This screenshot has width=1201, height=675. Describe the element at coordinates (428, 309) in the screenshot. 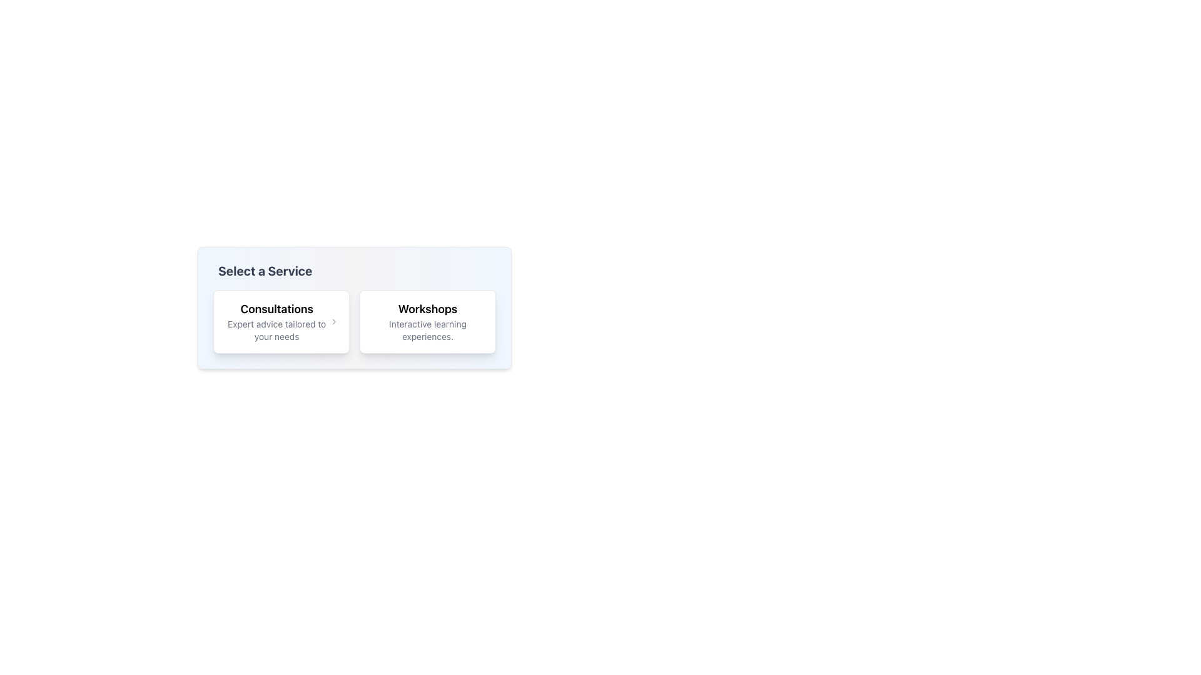

I see `the 'Workshops' text label, which serves as a title for a section or category, providing an overview for related features` at that location.